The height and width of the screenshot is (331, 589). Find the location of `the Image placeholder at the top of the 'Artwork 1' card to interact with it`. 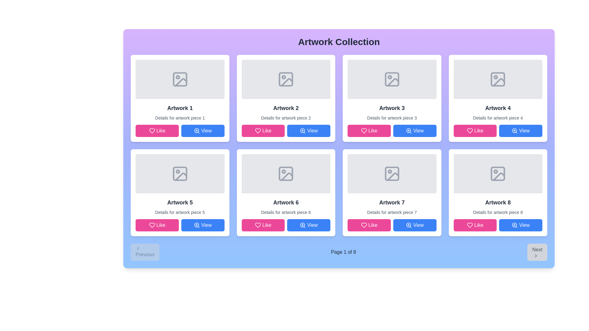

the Image placeholder at the top of the 'Artwork 1' card to interact with it is located at coordinates (179, 79).